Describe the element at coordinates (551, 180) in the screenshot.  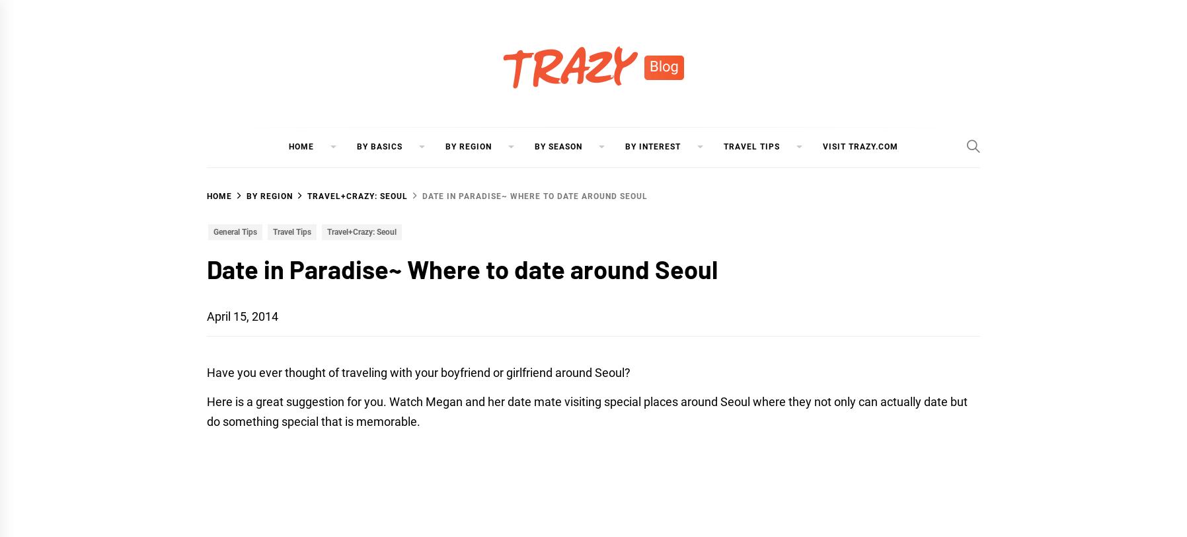
I see `'Spring'` at that location.